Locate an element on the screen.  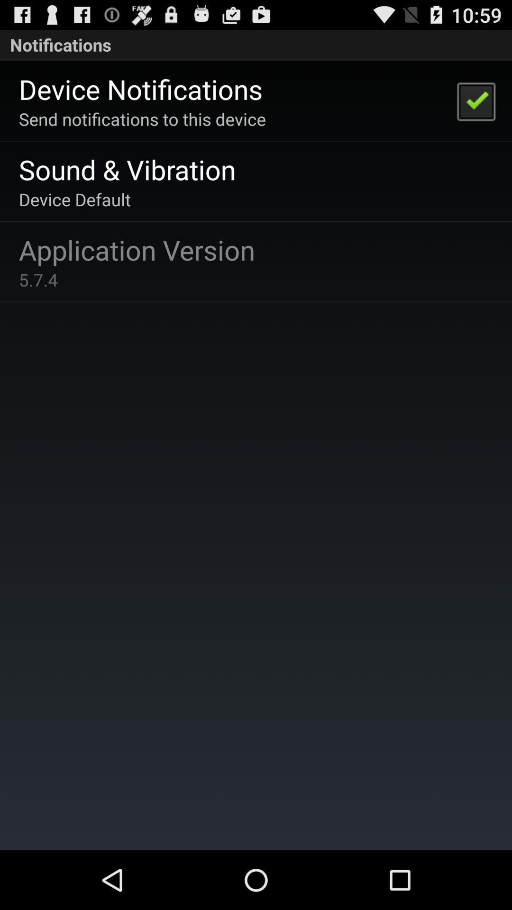
the send notifications to app is located at coordinates (142, 118).